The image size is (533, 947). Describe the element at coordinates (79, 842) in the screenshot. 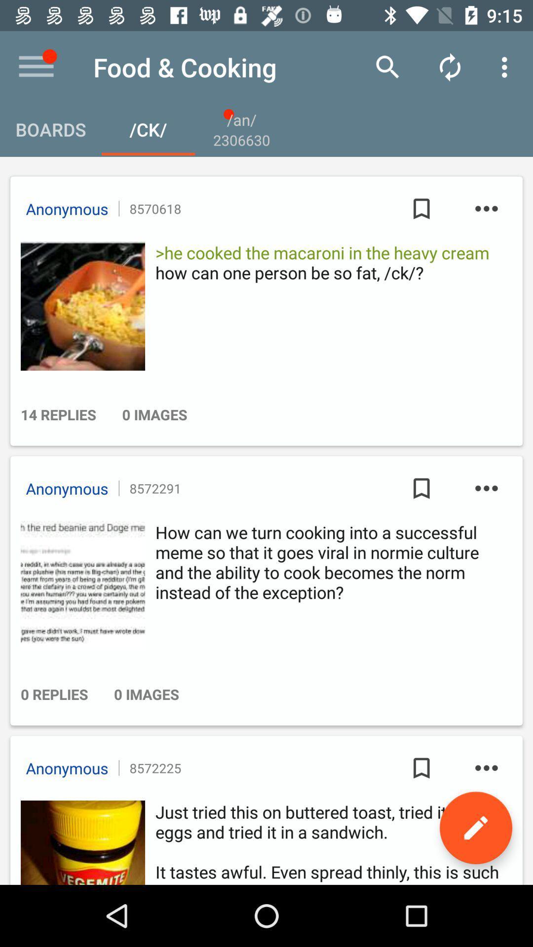

I see `profile photo` at that location.